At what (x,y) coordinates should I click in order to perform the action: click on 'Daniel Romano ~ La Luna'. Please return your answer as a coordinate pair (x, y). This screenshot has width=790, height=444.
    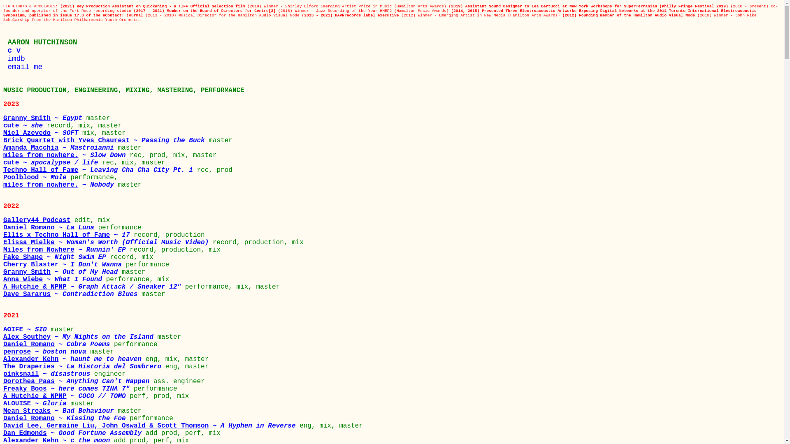
    Looking at the image, I should click on (50, 228).